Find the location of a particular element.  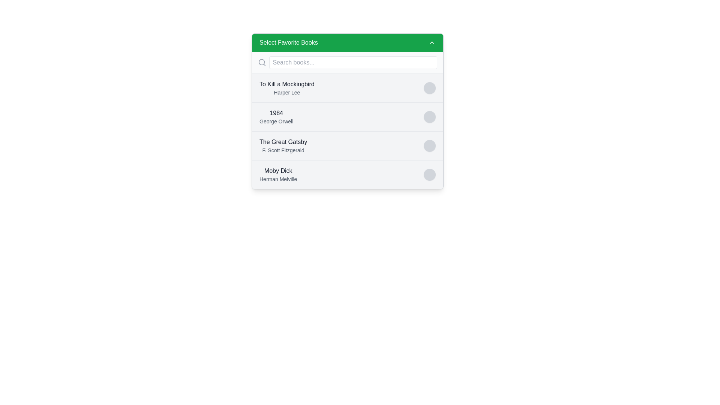

the text label displaying the title 'Moby Dick' located in the fourth book entry of the book selection interface is located at coordinates (278, 171).